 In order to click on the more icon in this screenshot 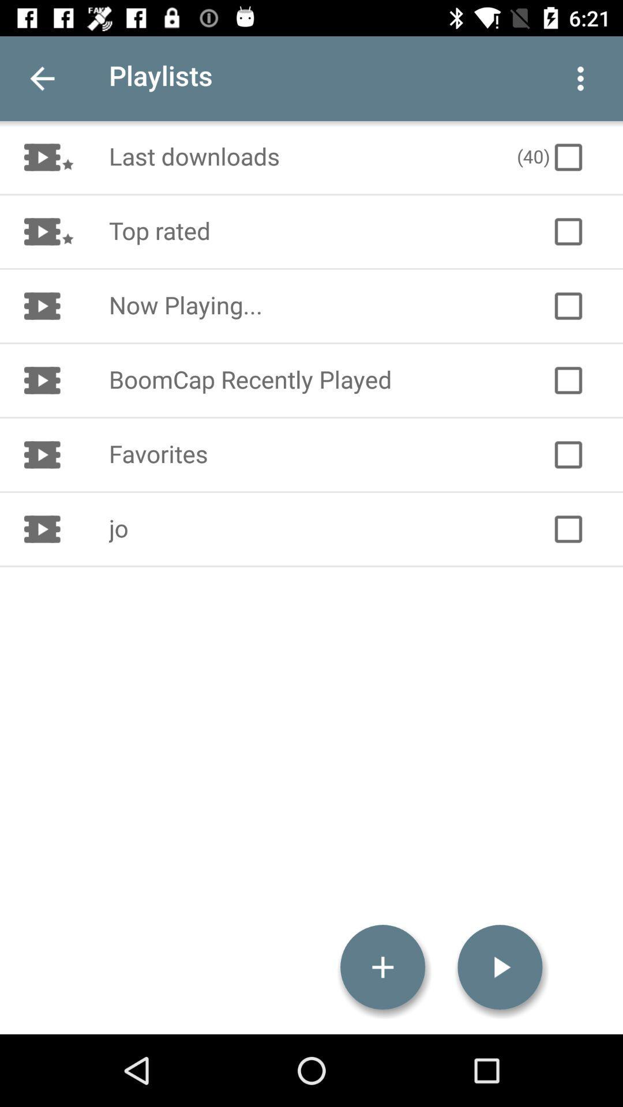, I will do `click(580, 78)`.